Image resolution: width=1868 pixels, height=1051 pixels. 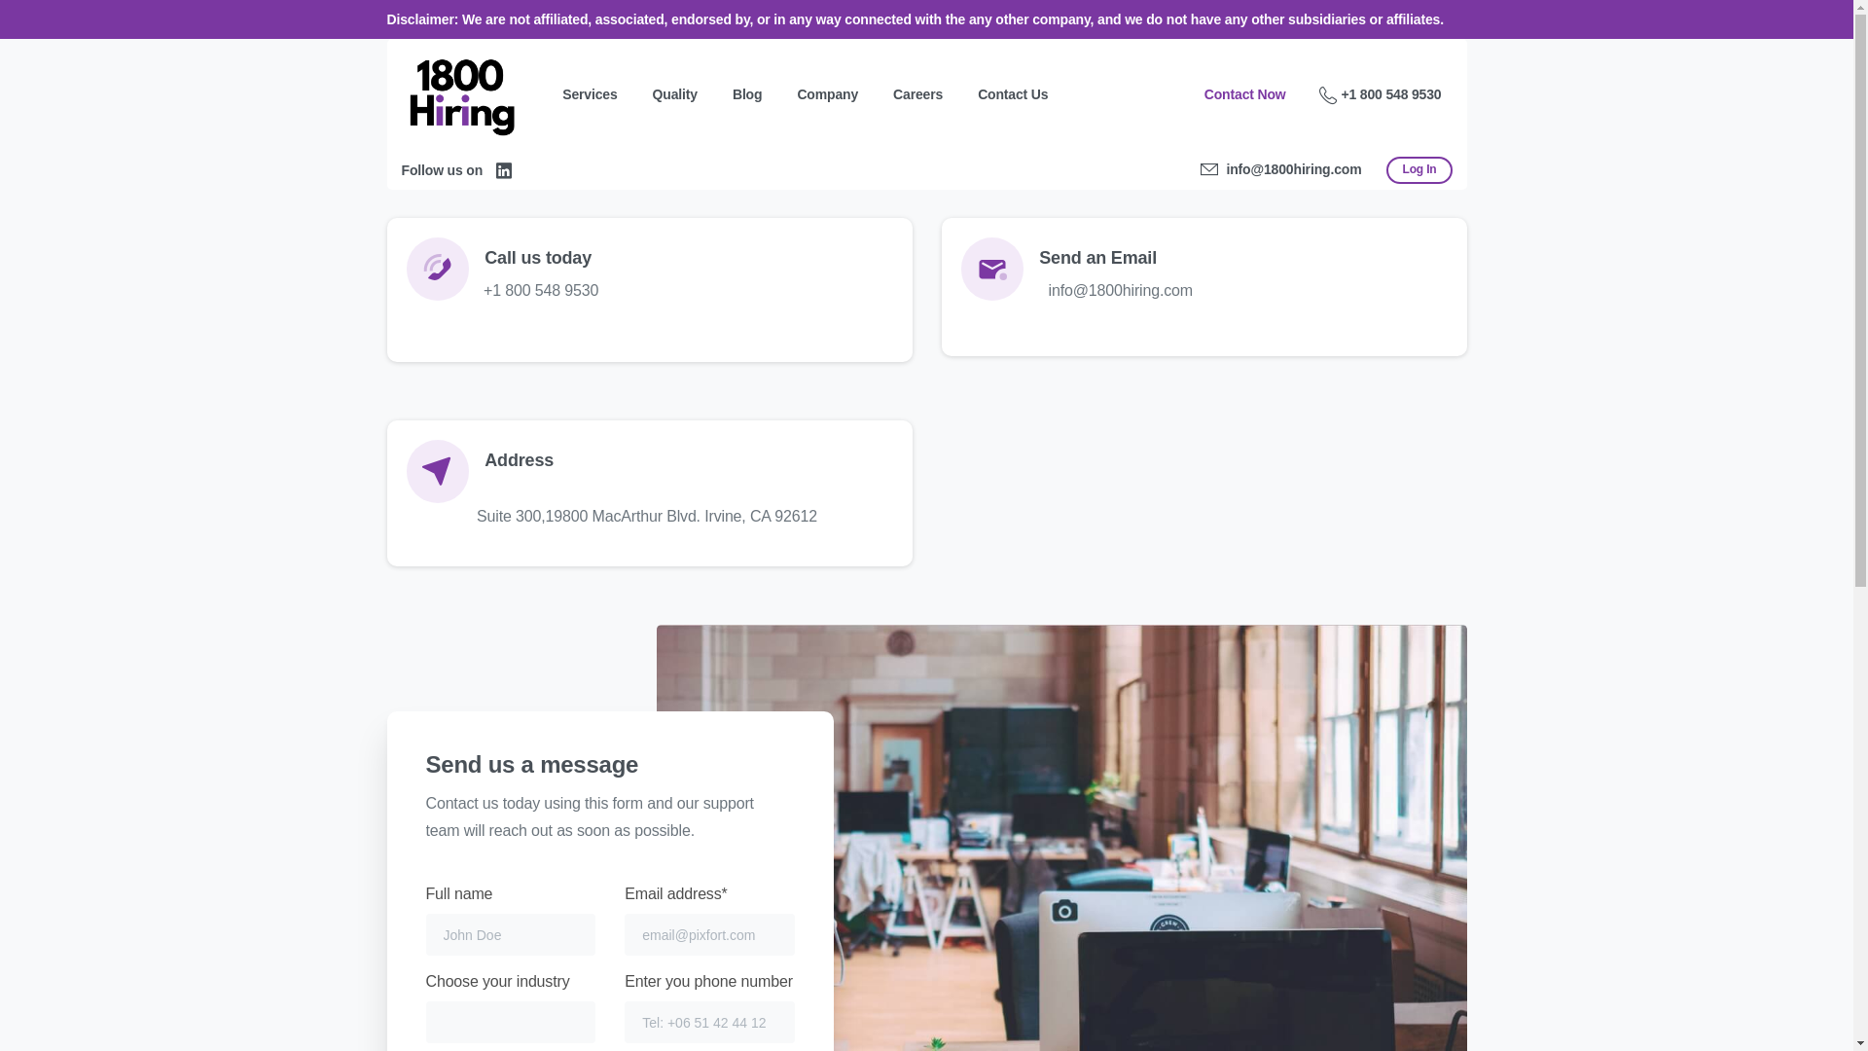 I want to click on 'info@1800hiring.com', so click(x=1199, y=168).